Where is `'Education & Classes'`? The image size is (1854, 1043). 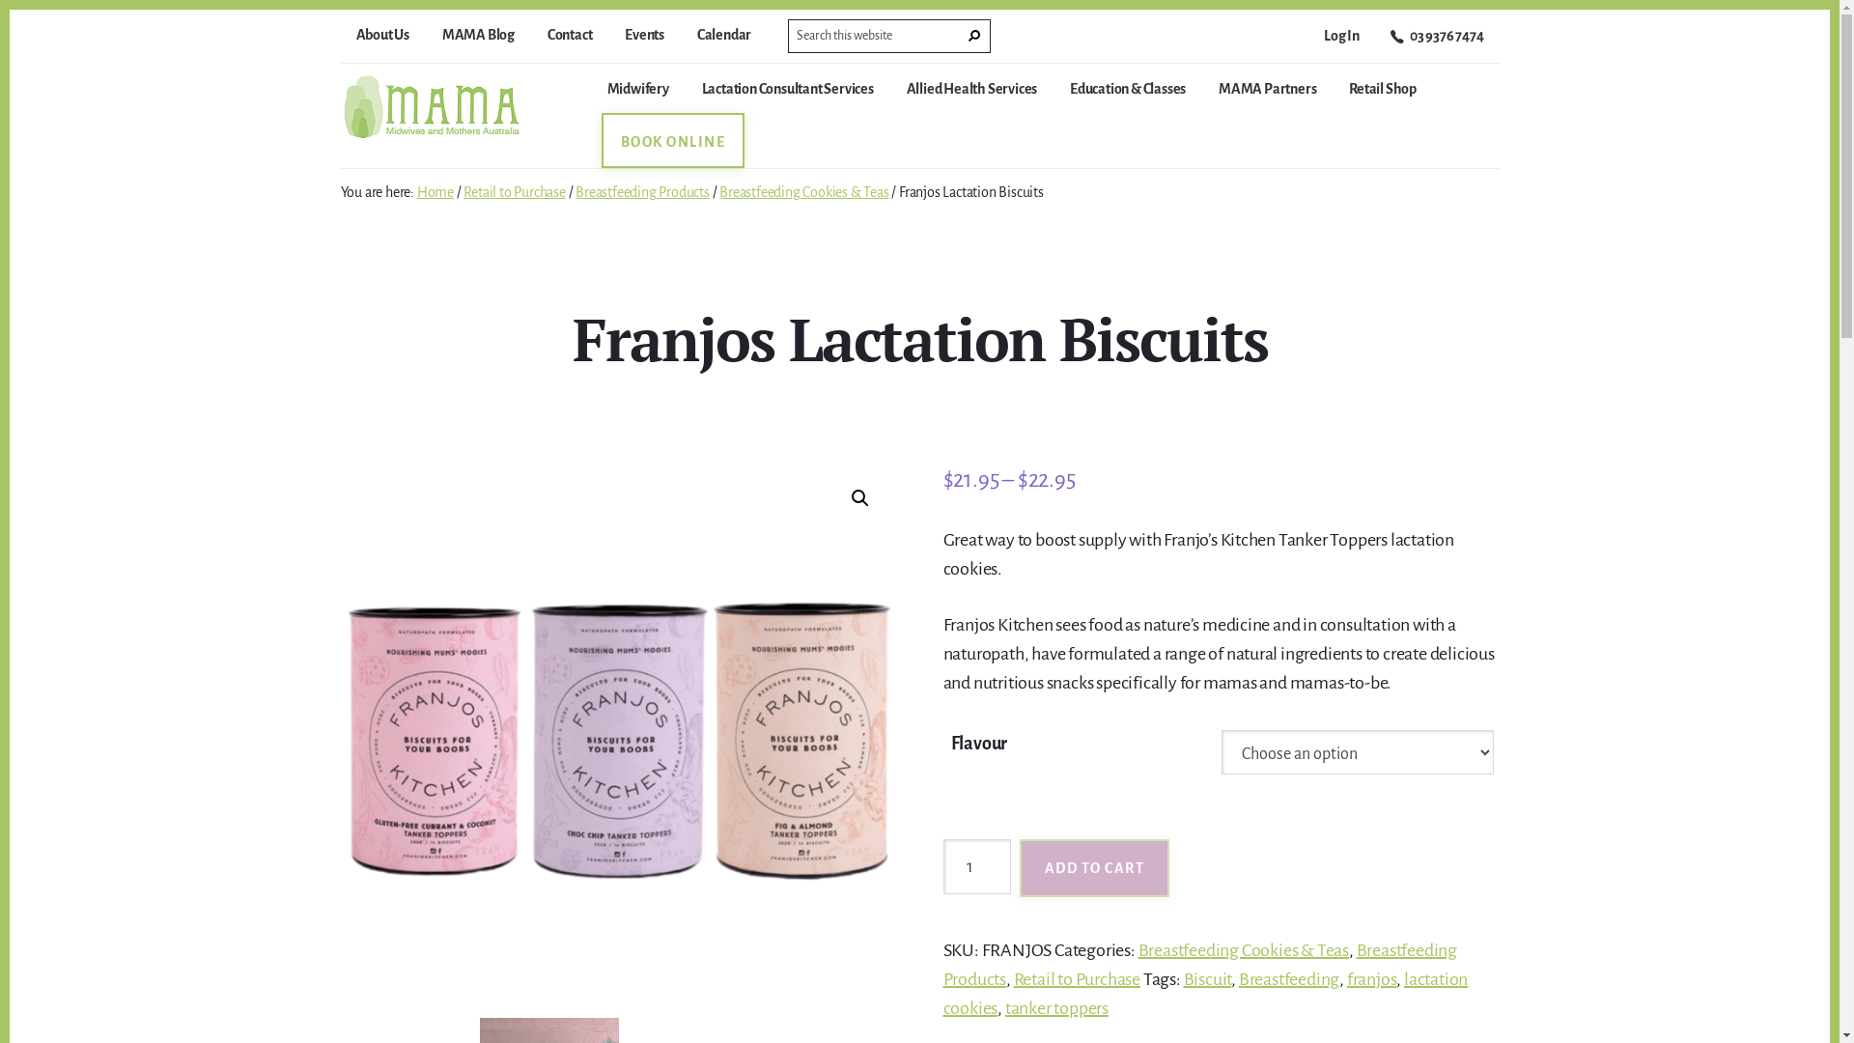
'Education & Classes' is located at coordinates (1127, 97).